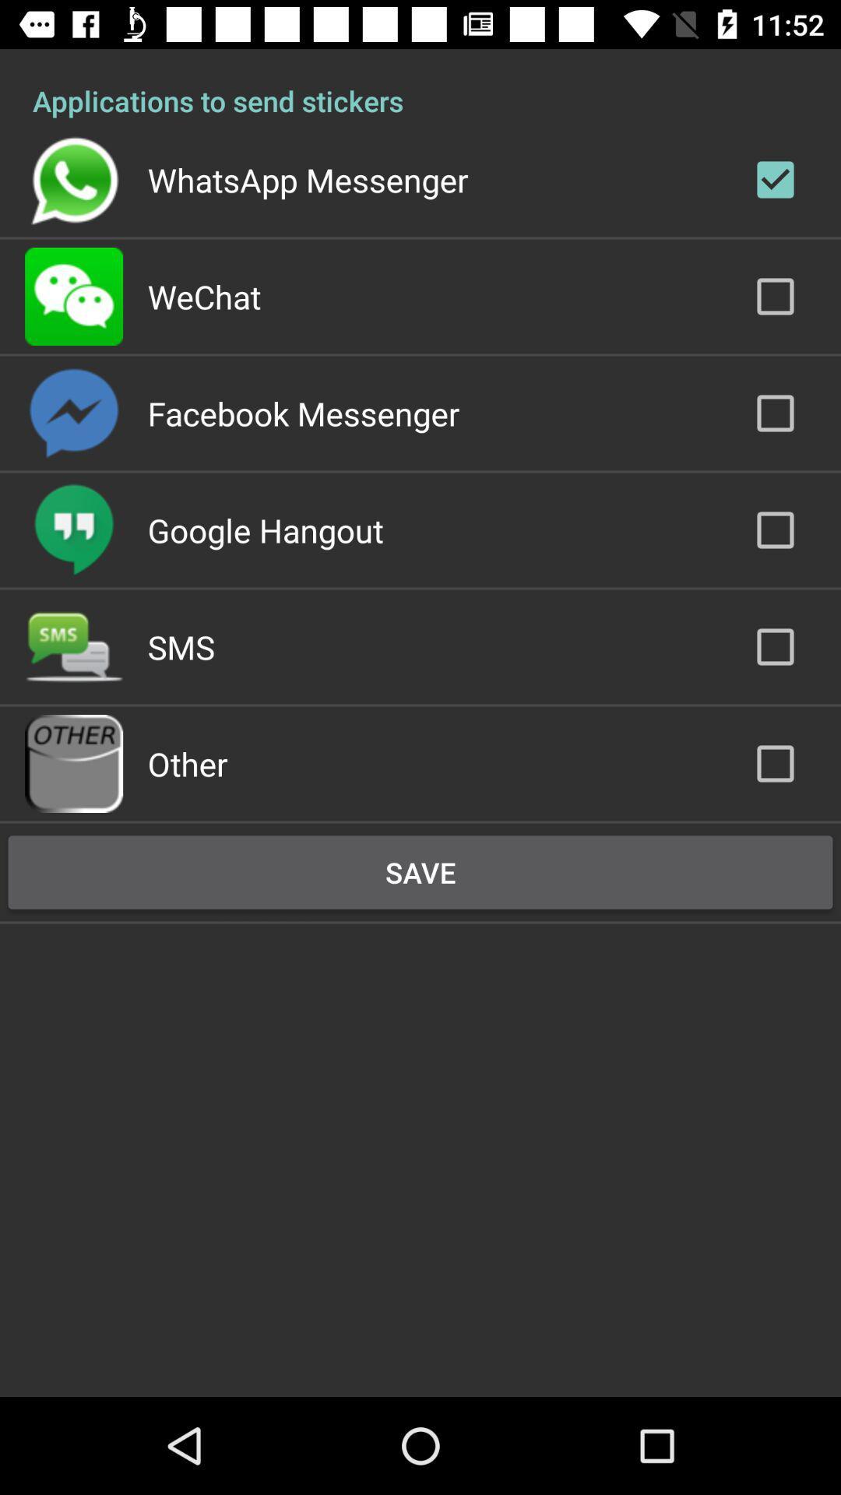 This screenshot has height=1495, width=841. Describe the element at coordinates (180, 646) in the screenshot. I see `sms app` at that location.